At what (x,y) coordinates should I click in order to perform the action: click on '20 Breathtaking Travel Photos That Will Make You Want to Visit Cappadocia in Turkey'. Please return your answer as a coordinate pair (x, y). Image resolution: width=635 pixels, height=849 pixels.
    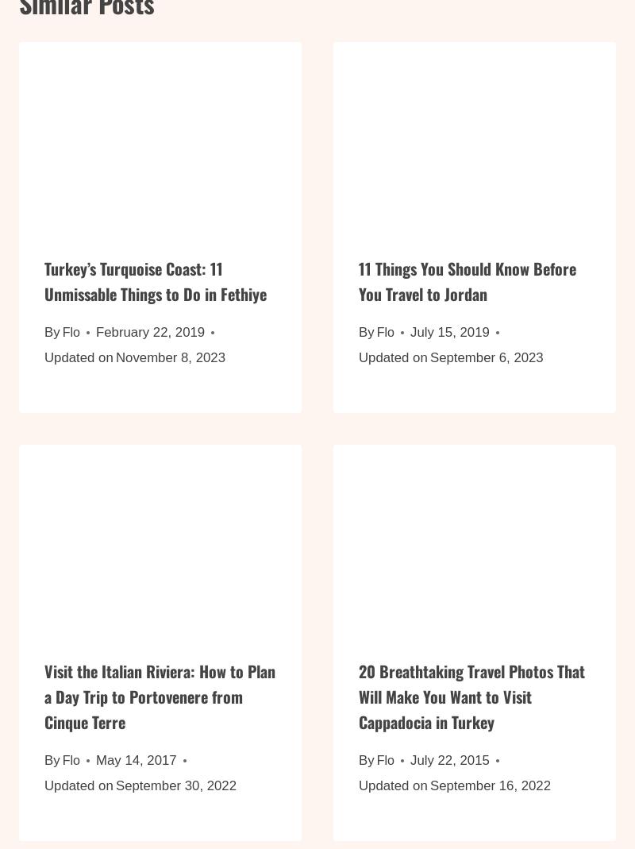
    Looking at the image, I should click on (471, 704).